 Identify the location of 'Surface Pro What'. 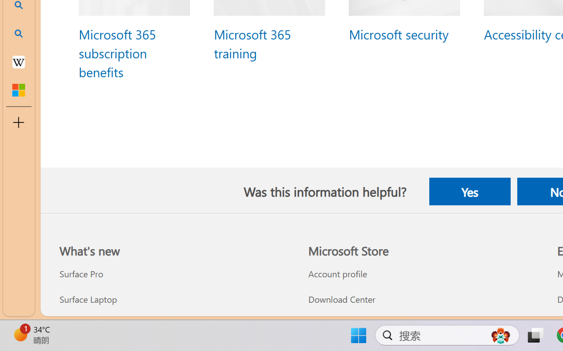
(81, 274).